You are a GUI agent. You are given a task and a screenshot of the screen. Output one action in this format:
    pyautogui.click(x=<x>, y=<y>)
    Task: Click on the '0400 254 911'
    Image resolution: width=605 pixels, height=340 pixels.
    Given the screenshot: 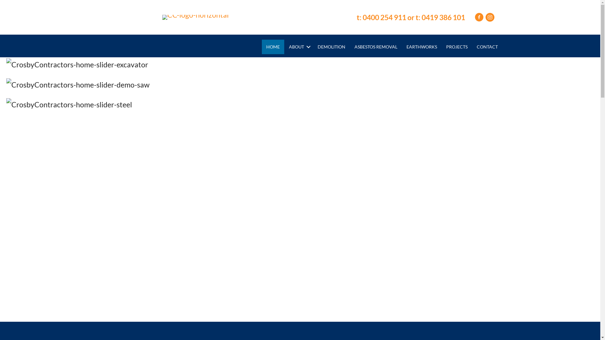 What is the action you would take?
    pyautogui.click(x=384, y=17)
    